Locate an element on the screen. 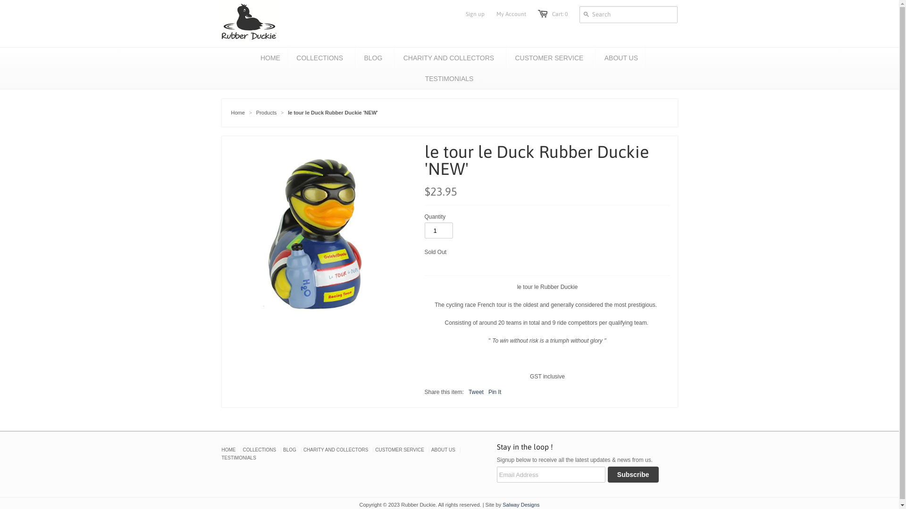 The image size is (906, 509). 'CHARITY AND COLLECTORS' is located at coordinates (336, 449).